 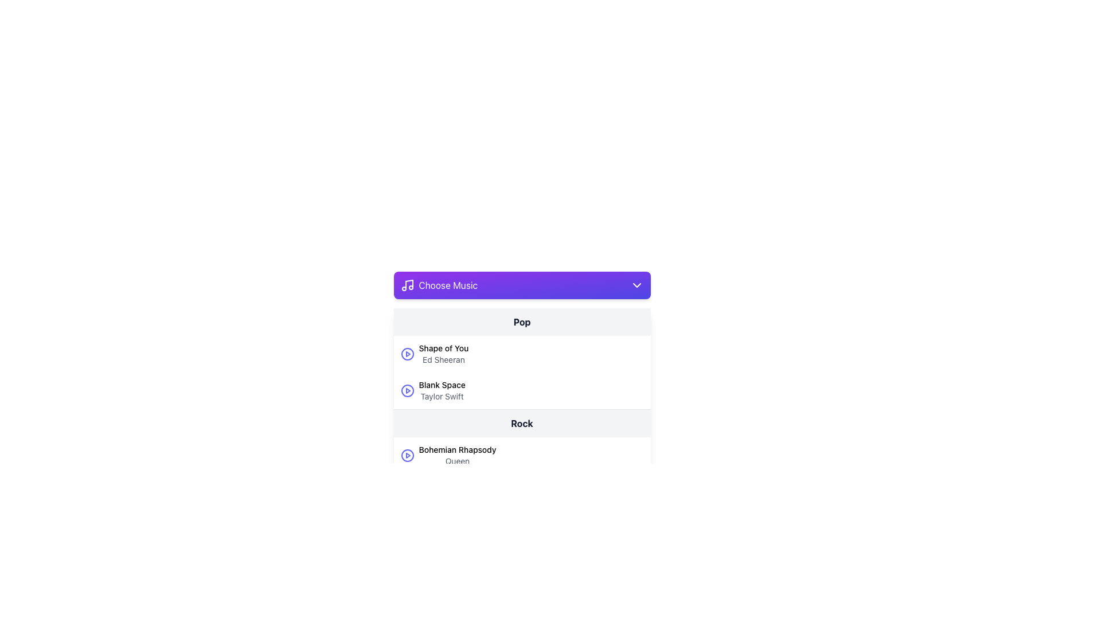 I want to click on the text label displaying 'Blank Space', so click(x=442, y=385).